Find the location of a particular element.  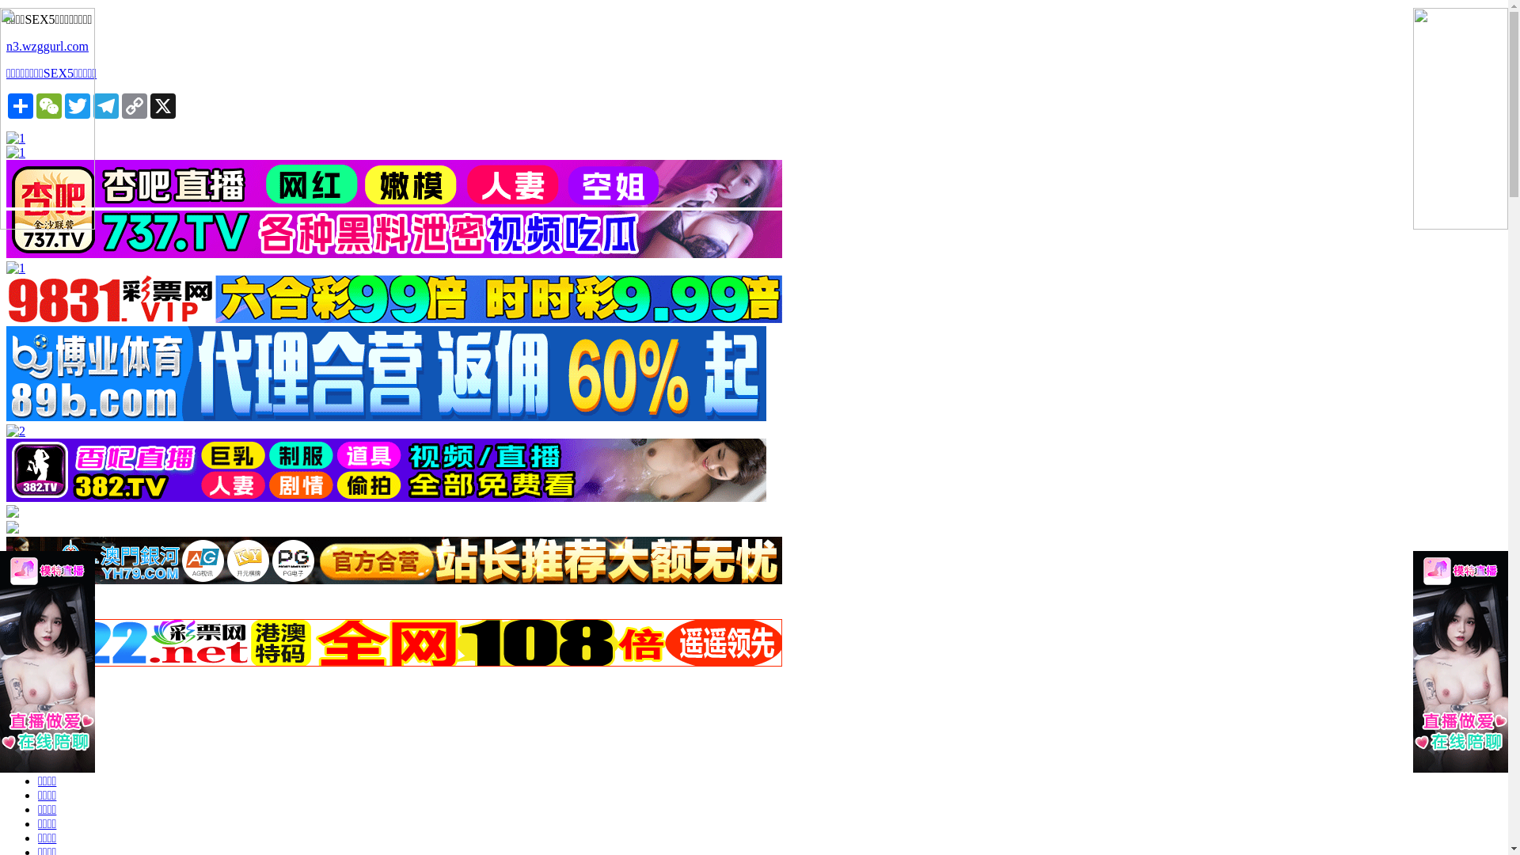

'Copy Link' is located at coordinates (134, 106).